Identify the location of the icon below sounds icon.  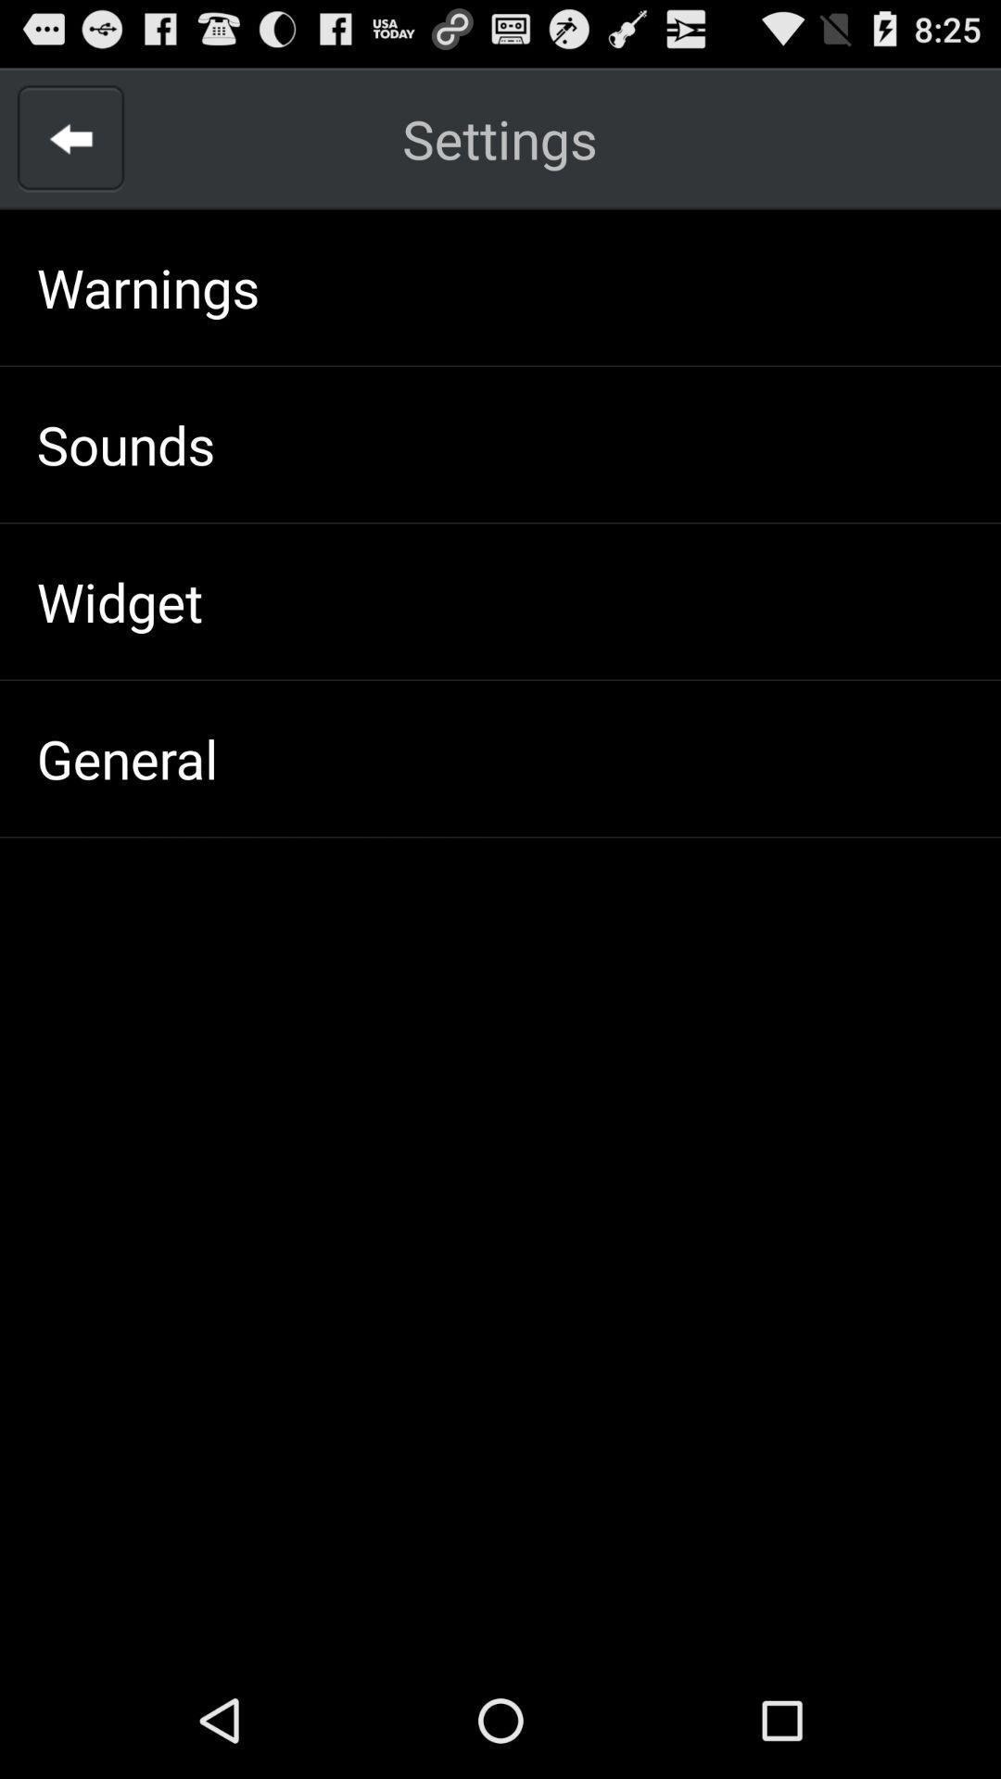
(120, 601).